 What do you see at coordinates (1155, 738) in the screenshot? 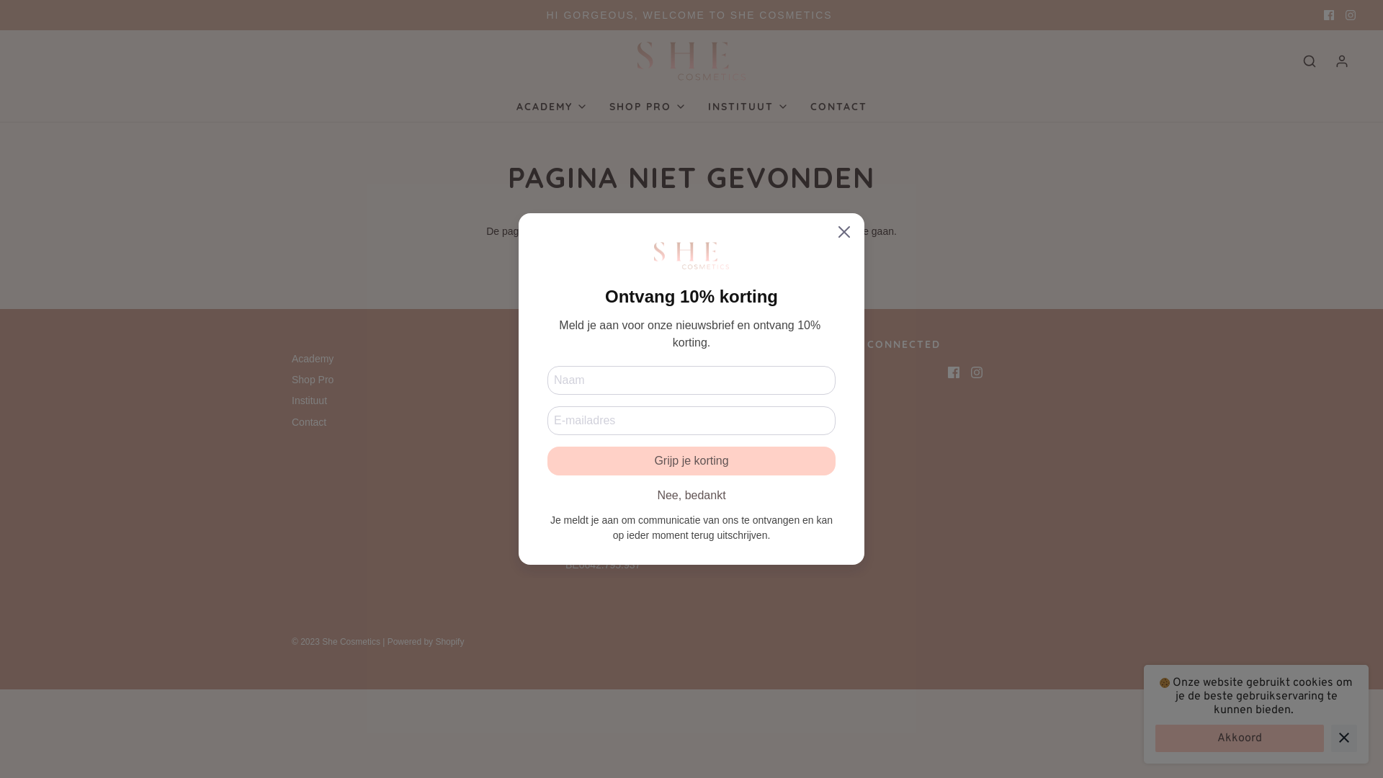
I see `'Akkoord'` at bounding box center [1155, 738].